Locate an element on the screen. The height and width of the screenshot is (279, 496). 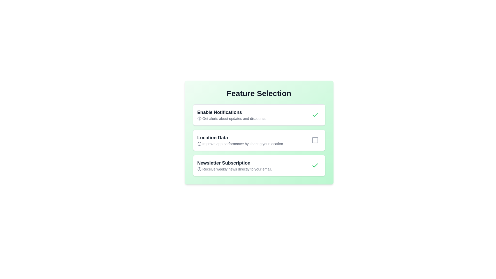
the small, square checkbox icon with rounded corners located next to the 'Location Data' option is located at coordinates (315, 140).